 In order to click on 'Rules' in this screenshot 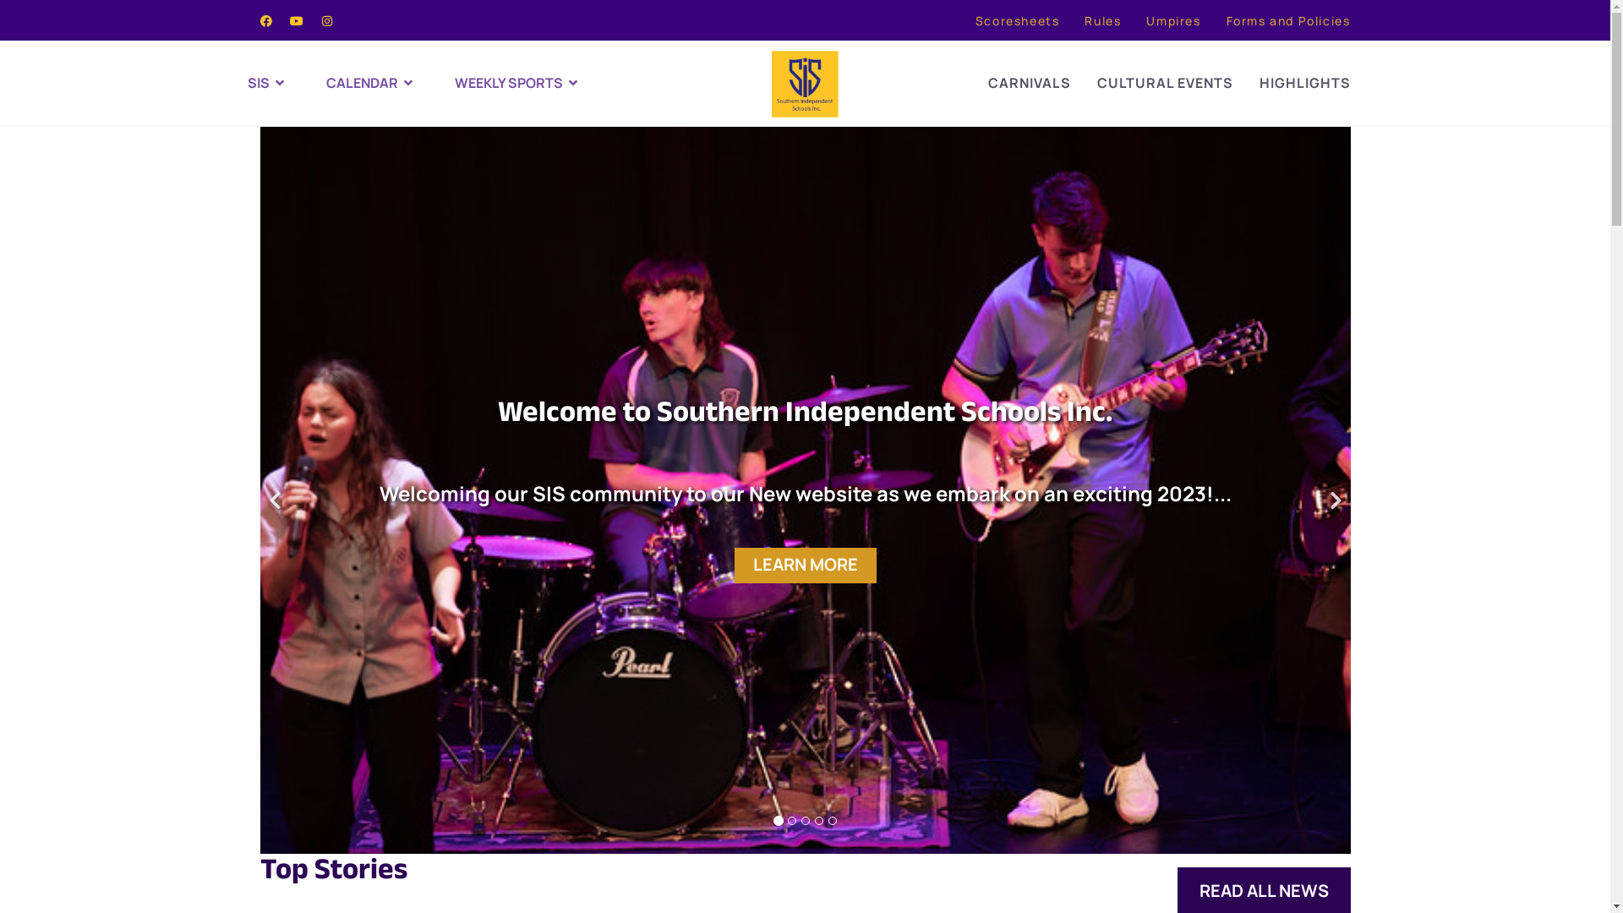, I will do `click(1102, 20)`.